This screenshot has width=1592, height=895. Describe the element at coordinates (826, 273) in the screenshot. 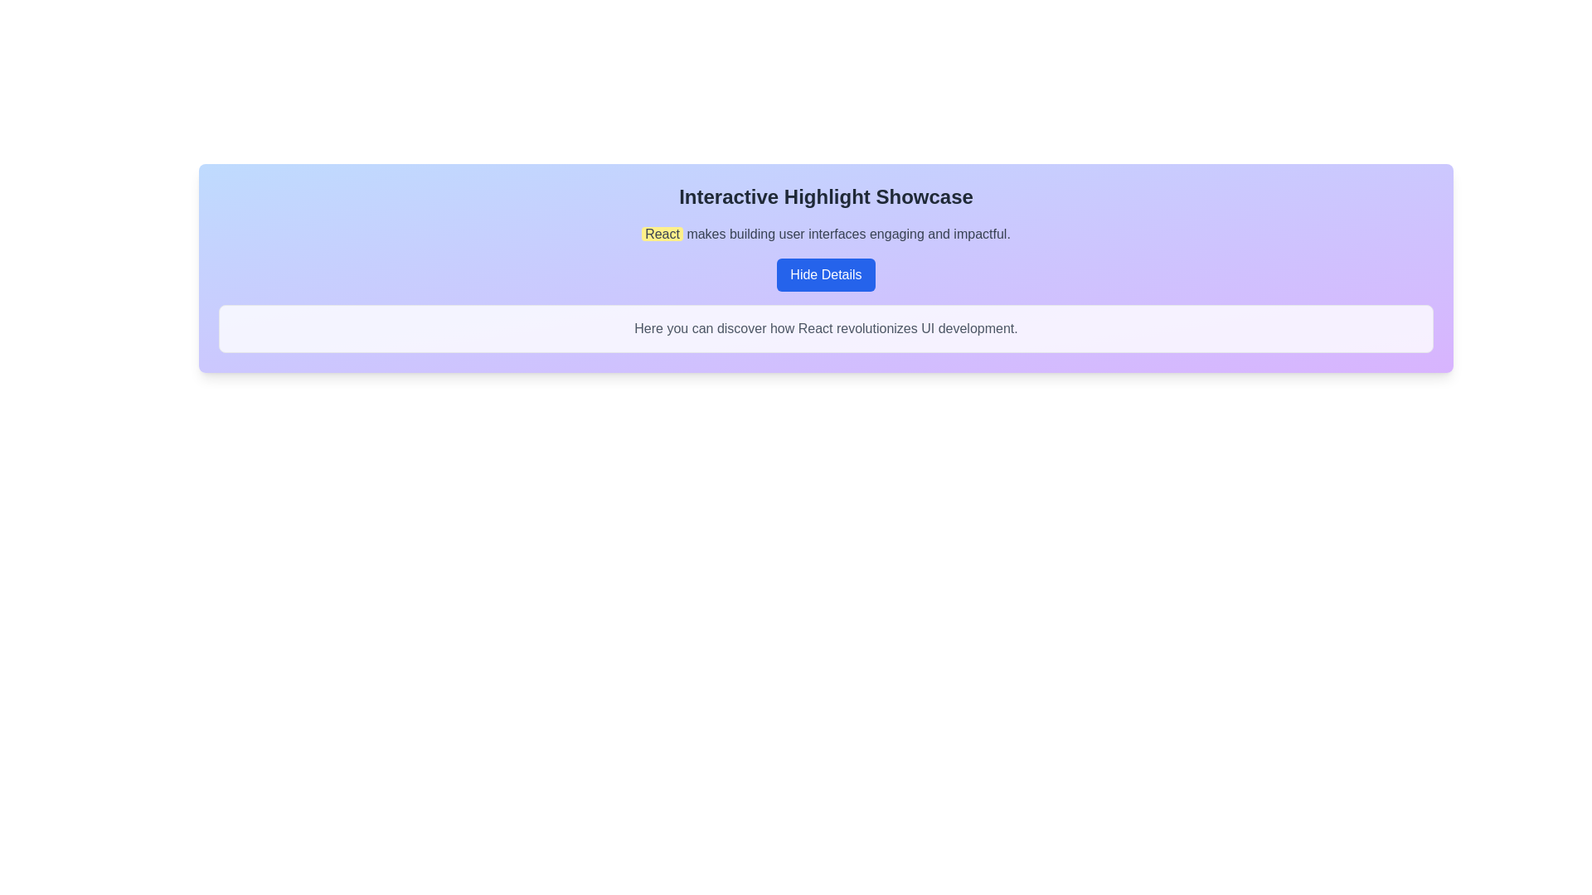

I see `the button with blue background and white text labeled 'Hide Details'` at that location.